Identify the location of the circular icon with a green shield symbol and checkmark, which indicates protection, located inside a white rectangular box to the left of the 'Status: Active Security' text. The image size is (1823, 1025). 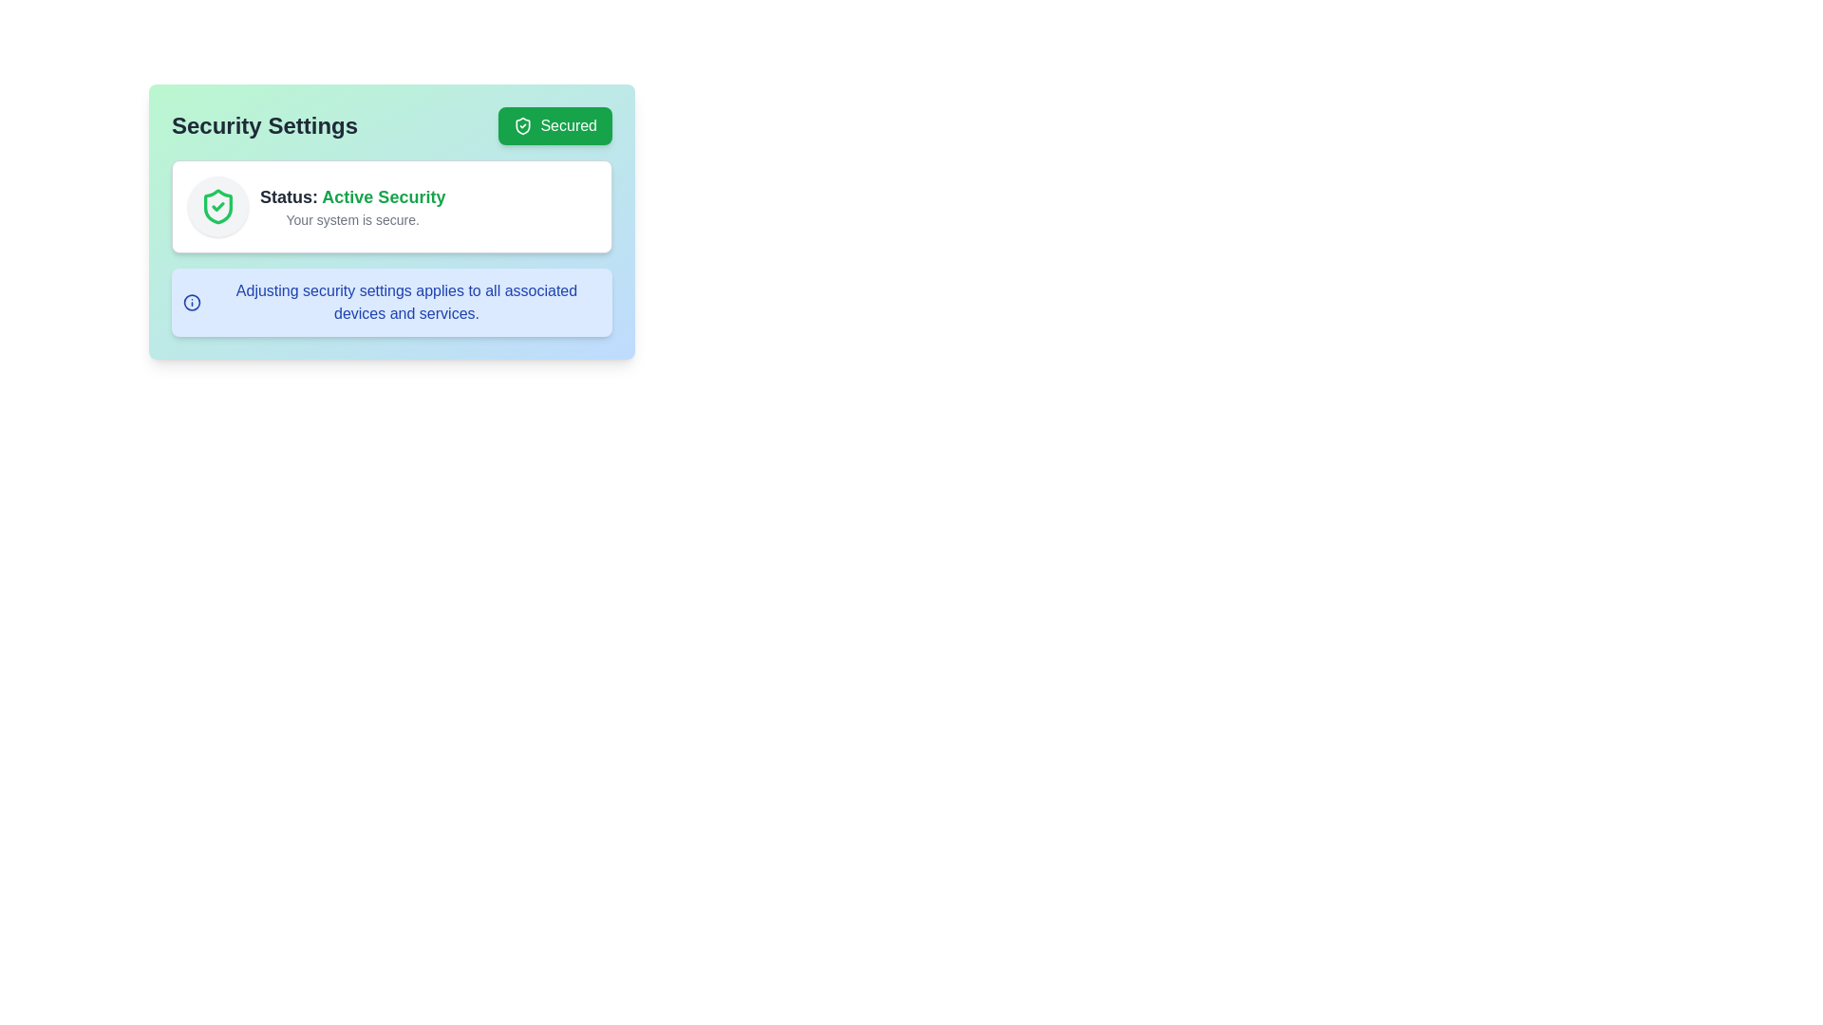
(218, 207).